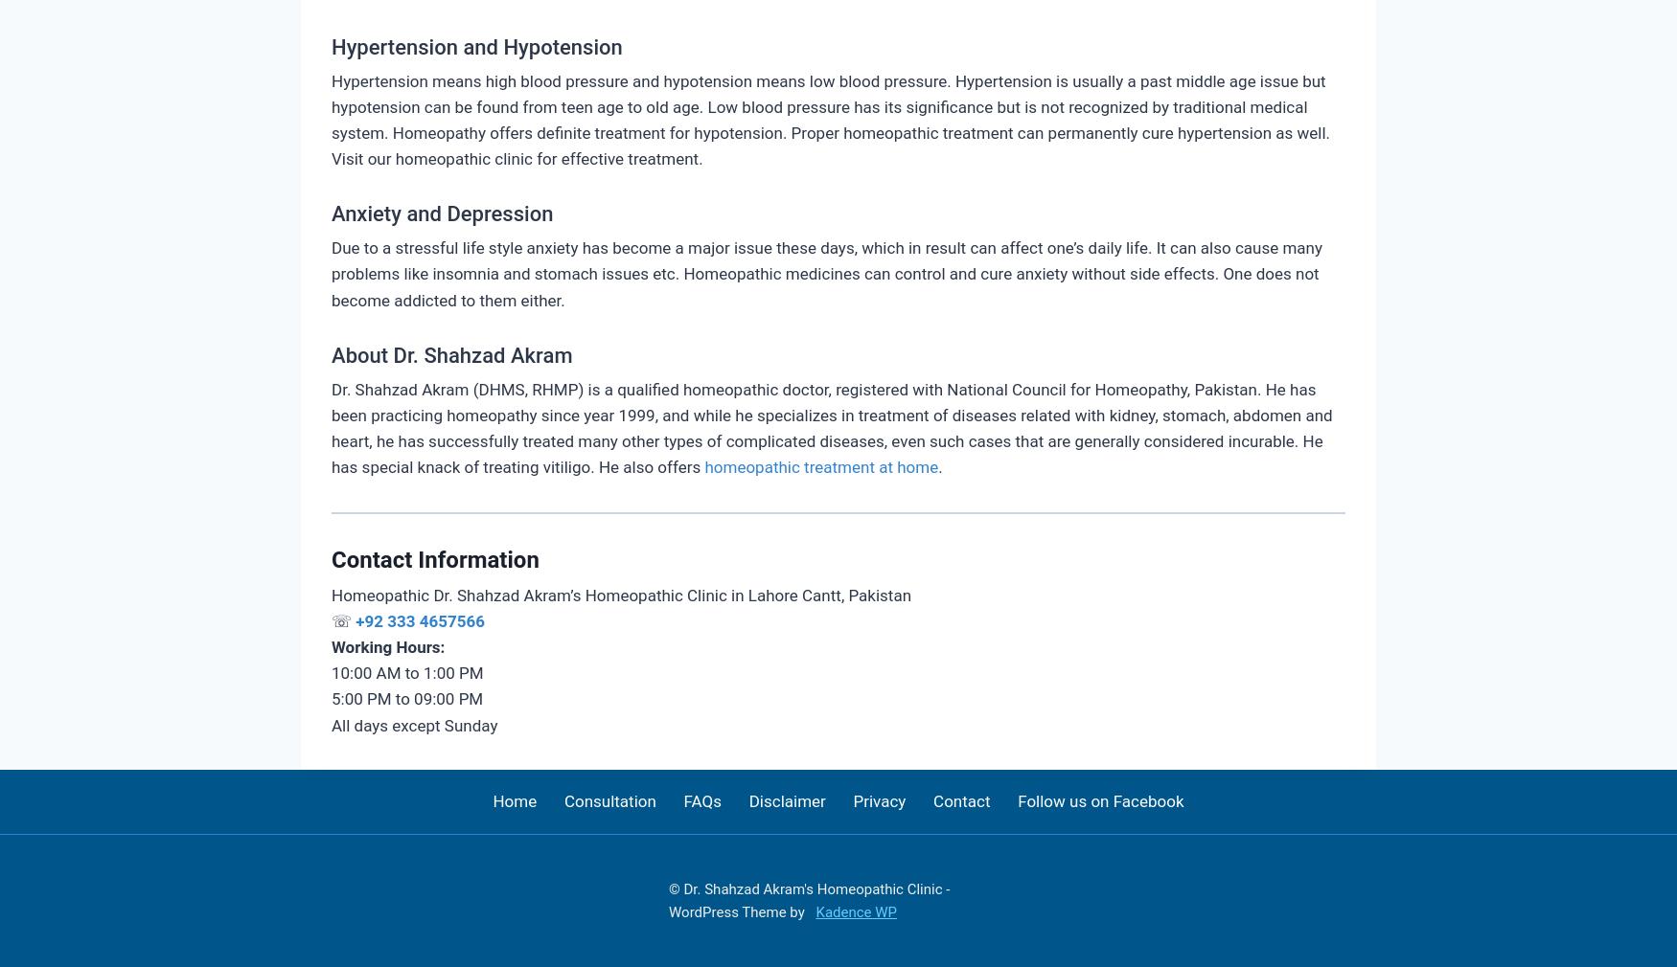  I want to click on '10:00 AM to 1:00 PM', so click(406, 671).